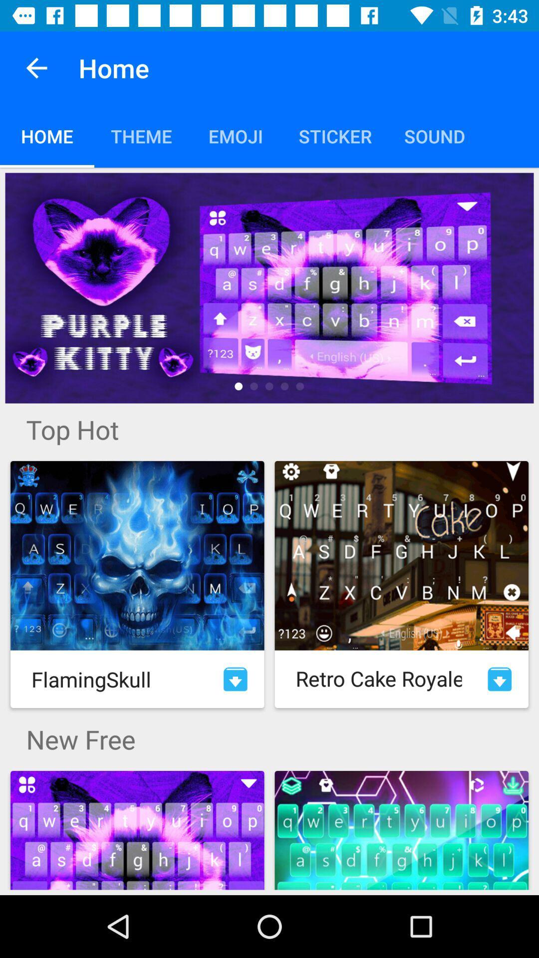  Describe the element at coordinates (36, 67) in the screenshot. I see `icon to the left of home app` at that location.